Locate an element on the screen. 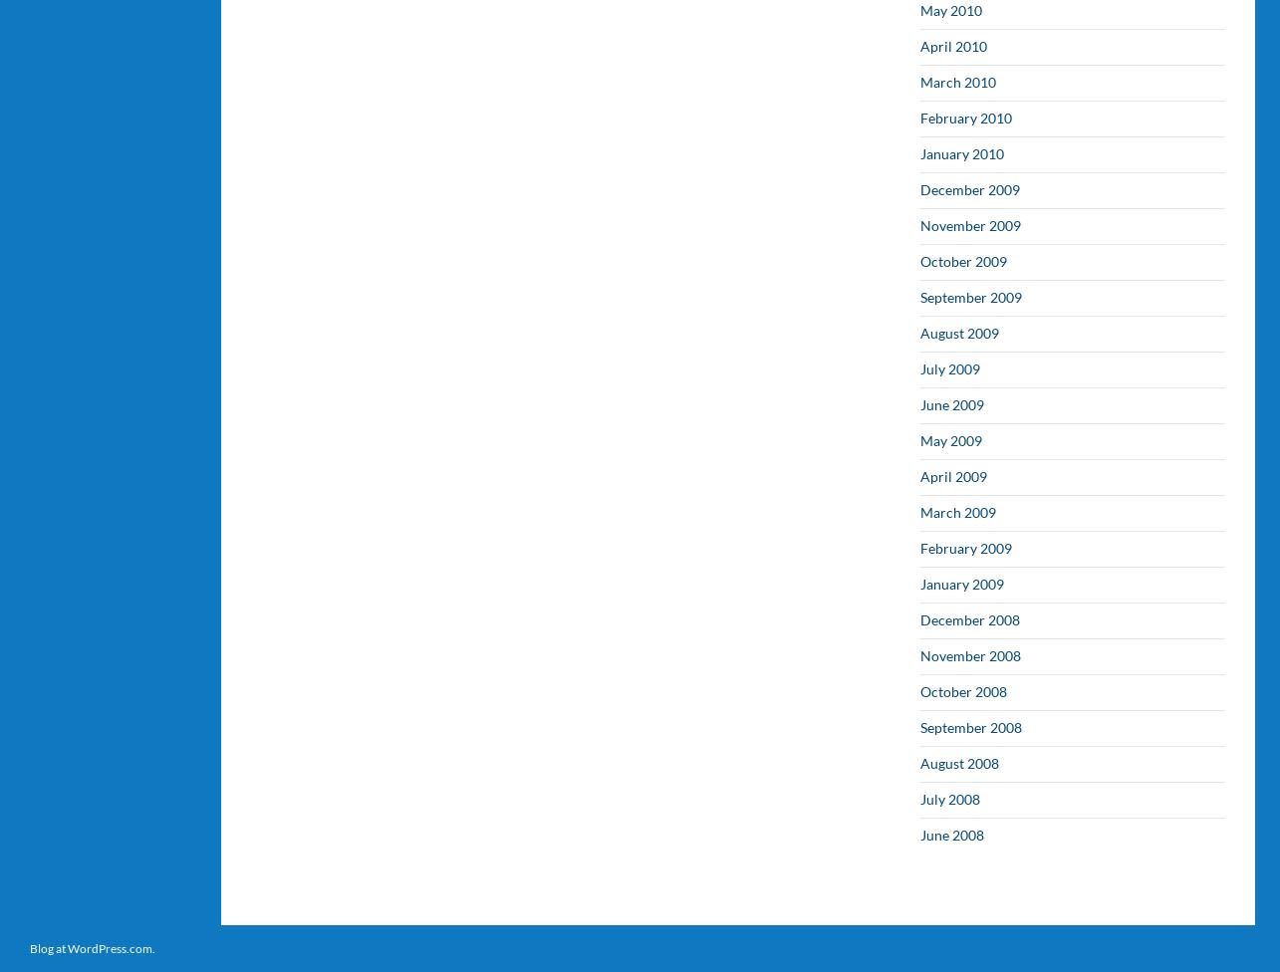 The width and height of the screenshot is (1280, 972). 'December 2009' is located at coordinates (970, 188).